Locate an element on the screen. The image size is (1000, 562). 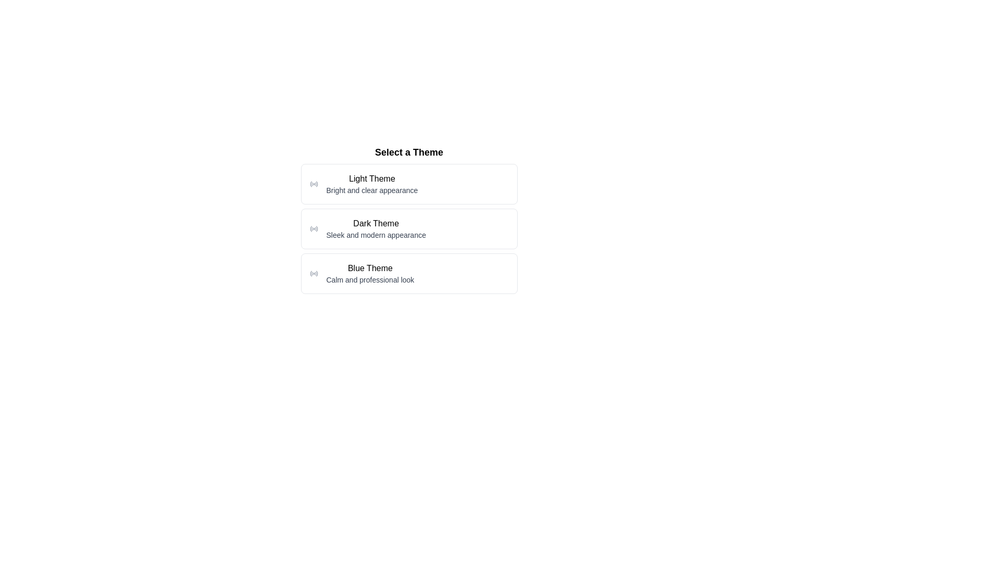
the radio button for the 'Light Theme' option in the thematic preference picker is located at coordinates (313, 184).